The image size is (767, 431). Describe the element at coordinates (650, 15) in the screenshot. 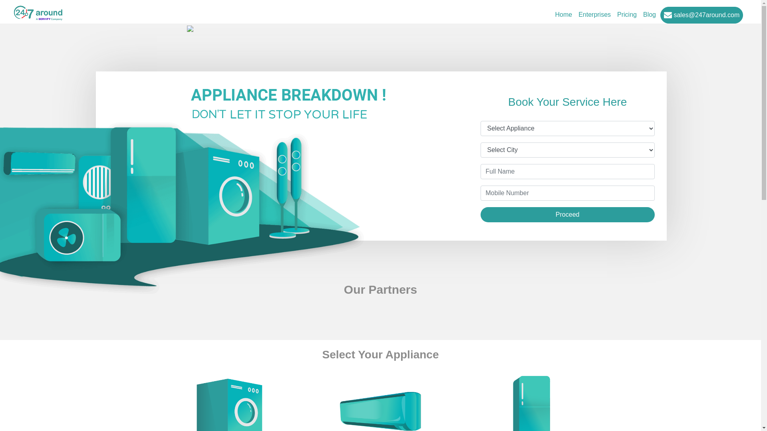

I see `'Blog'` at that location.